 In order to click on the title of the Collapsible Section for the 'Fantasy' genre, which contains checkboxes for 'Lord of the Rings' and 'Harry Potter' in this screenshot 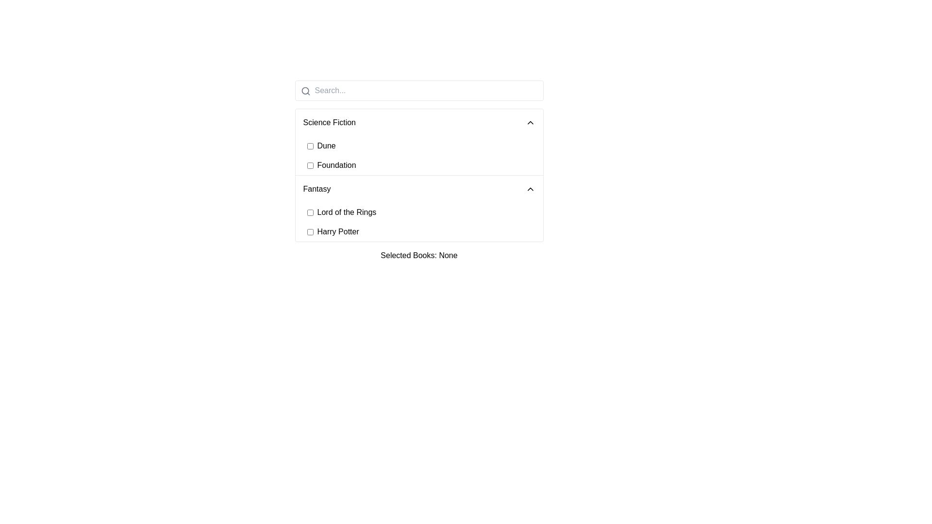, I will do `click(419, 208)`.